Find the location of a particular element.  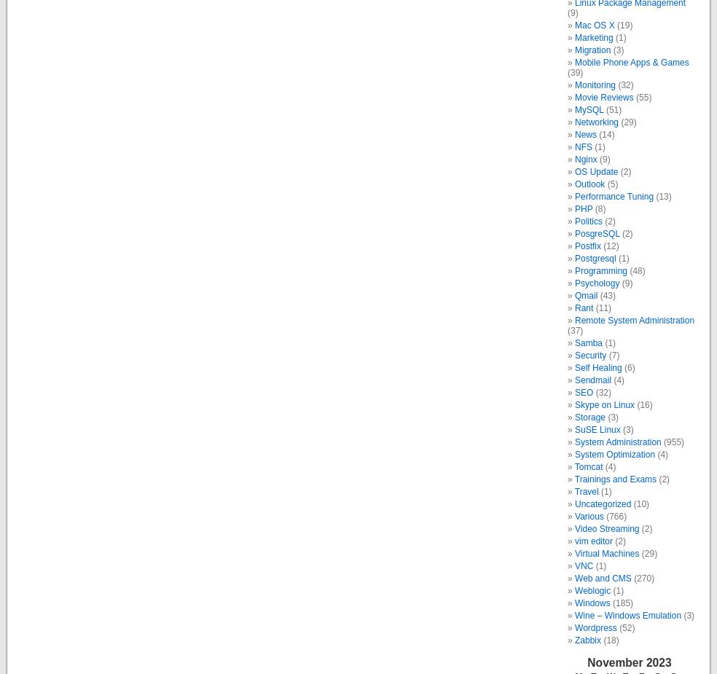

'(37)' is located at coordinates (574, 329).